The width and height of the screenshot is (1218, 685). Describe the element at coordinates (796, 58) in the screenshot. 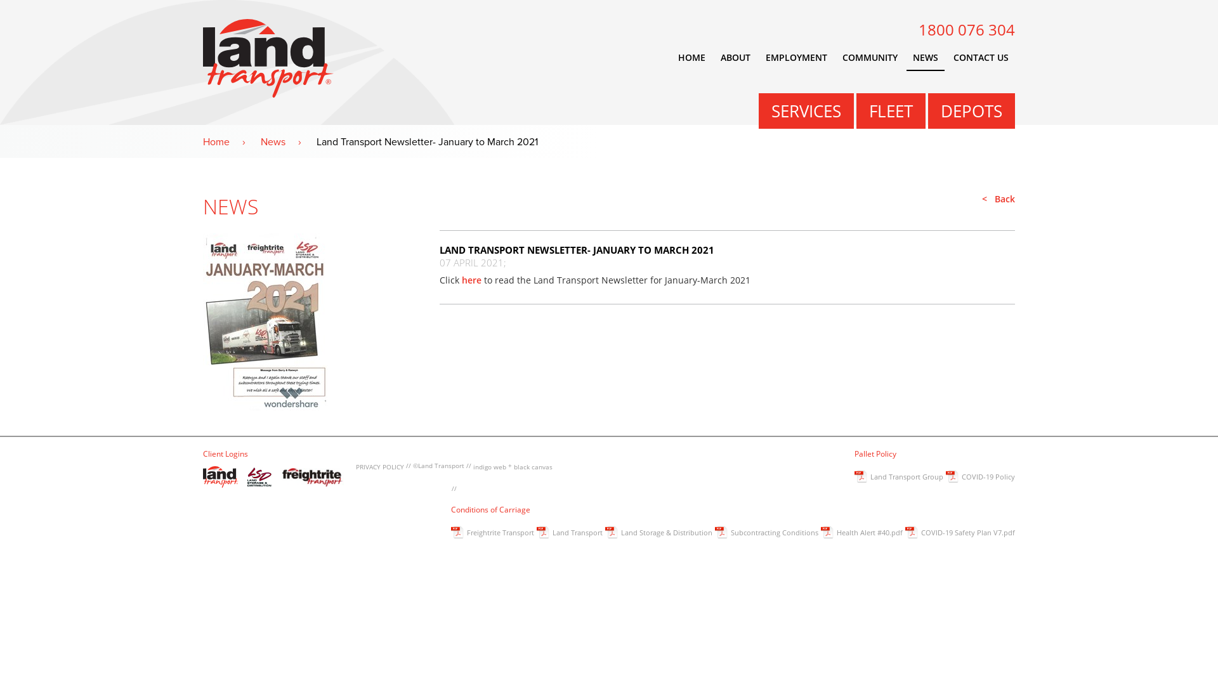

I see `'EMPLOYMENT'` at that location.